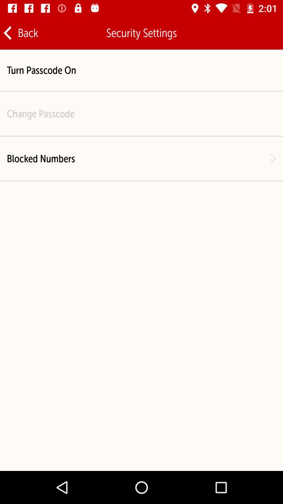 The width and height of the screenshot is (283, 504). Describe the element at coordinates (20, 33) in the screenshot. I see `the icon to the left of the security settings item` at that location.